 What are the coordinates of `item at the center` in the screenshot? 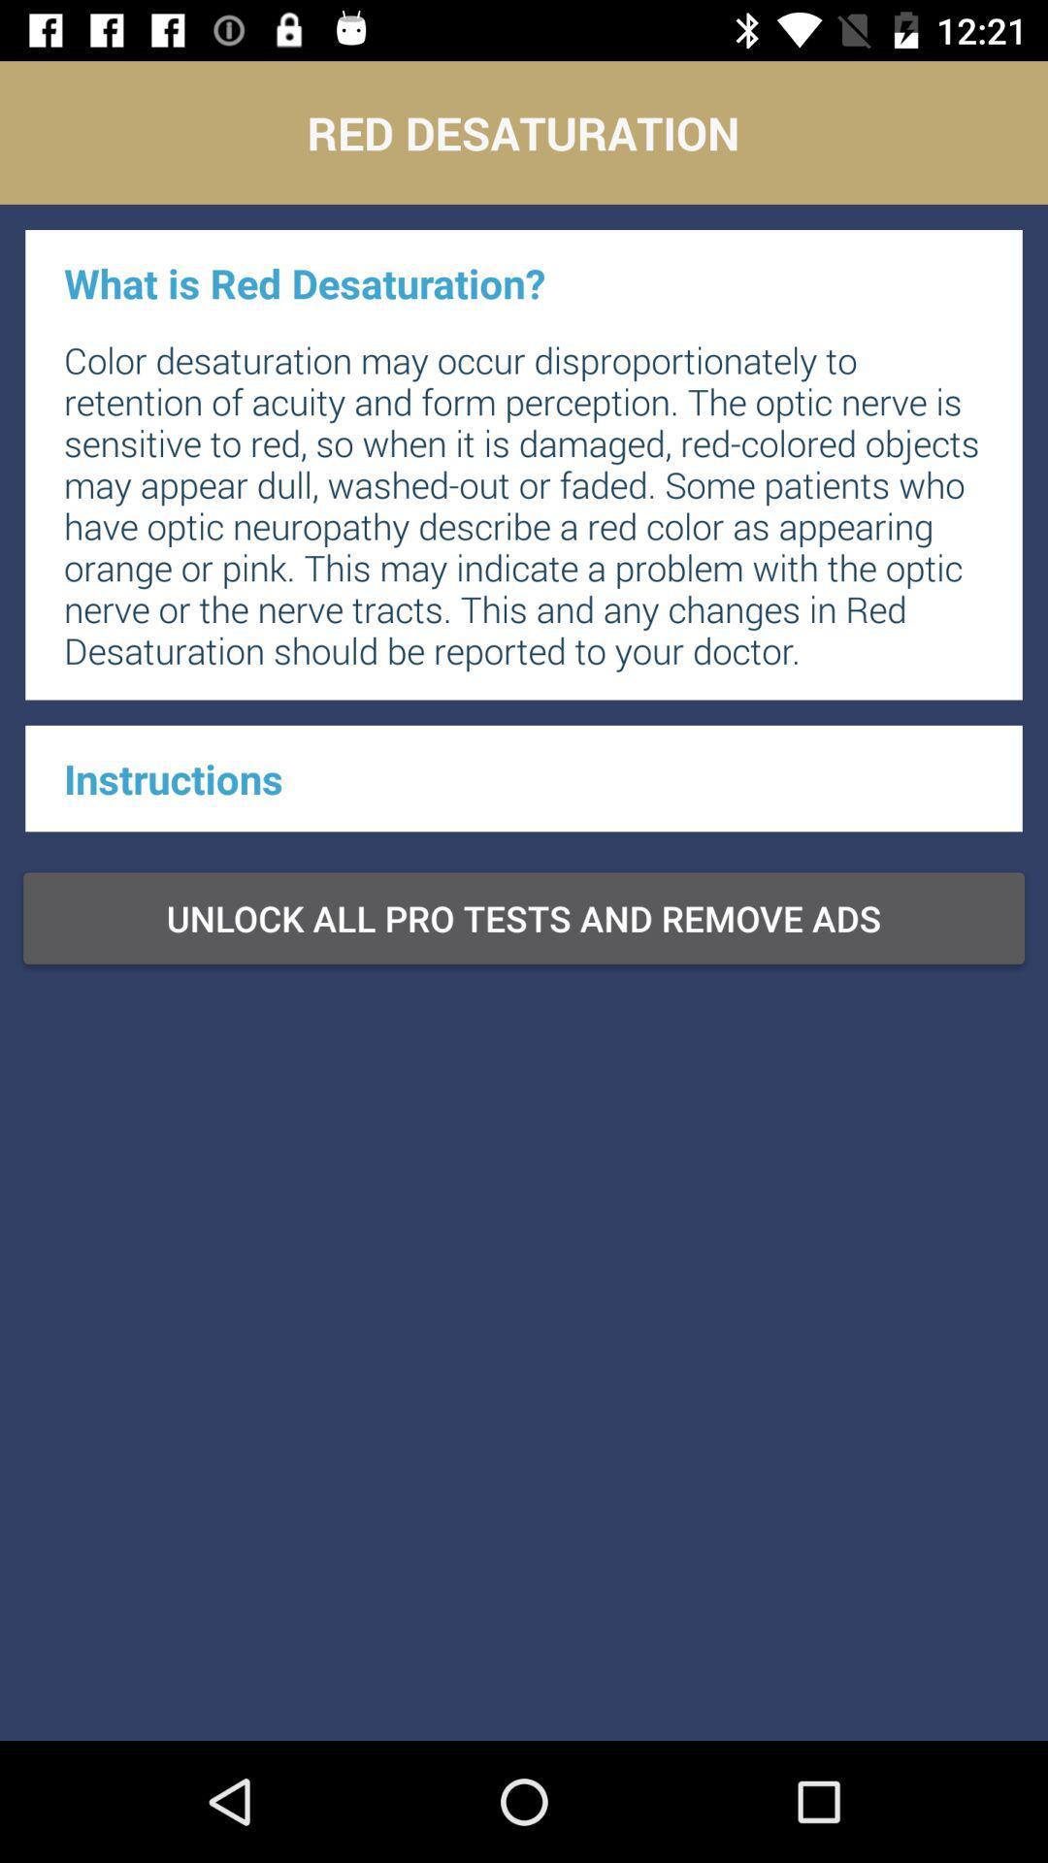 It's located at (524, 917).